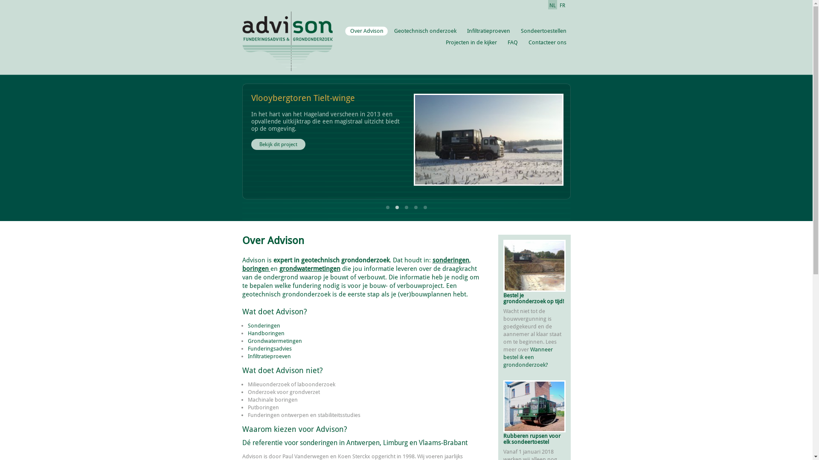 The image size is (819, 460). Describe the element at coordinates (287, 35) in the screenshot. I see `'Ga naar de Advison homepage'` at that location.